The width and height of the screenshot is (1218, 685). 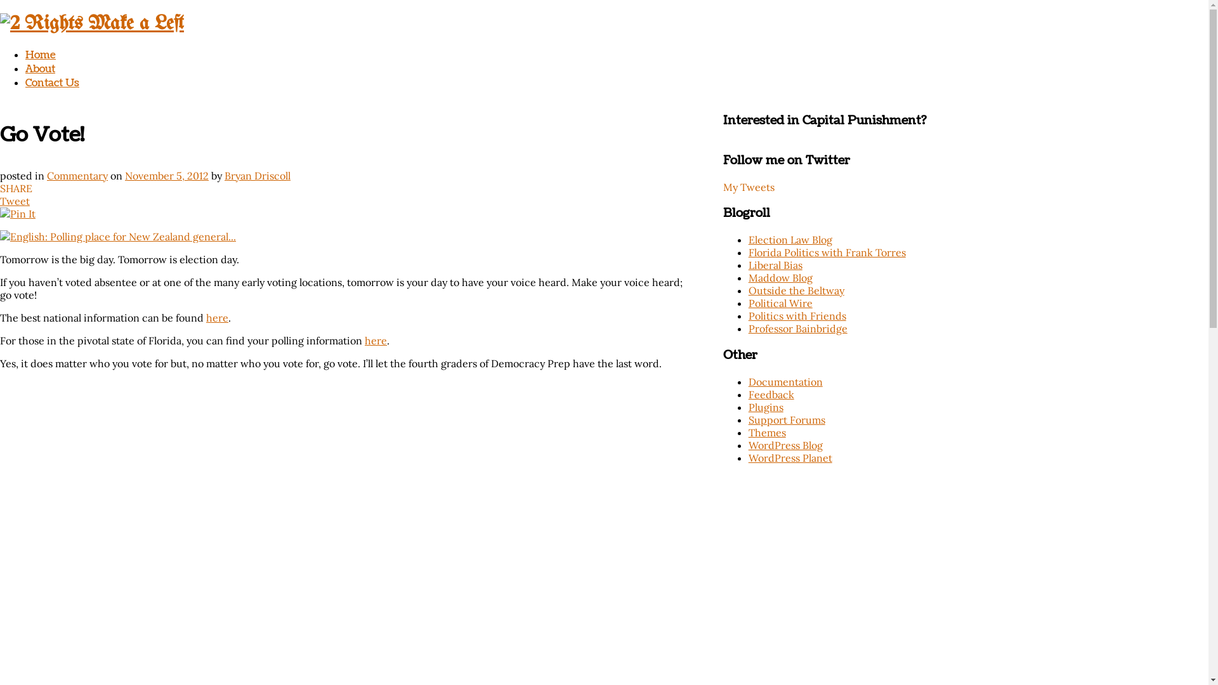 I want to click on 'Bryan Driscoll', so click(x=257, y=176).